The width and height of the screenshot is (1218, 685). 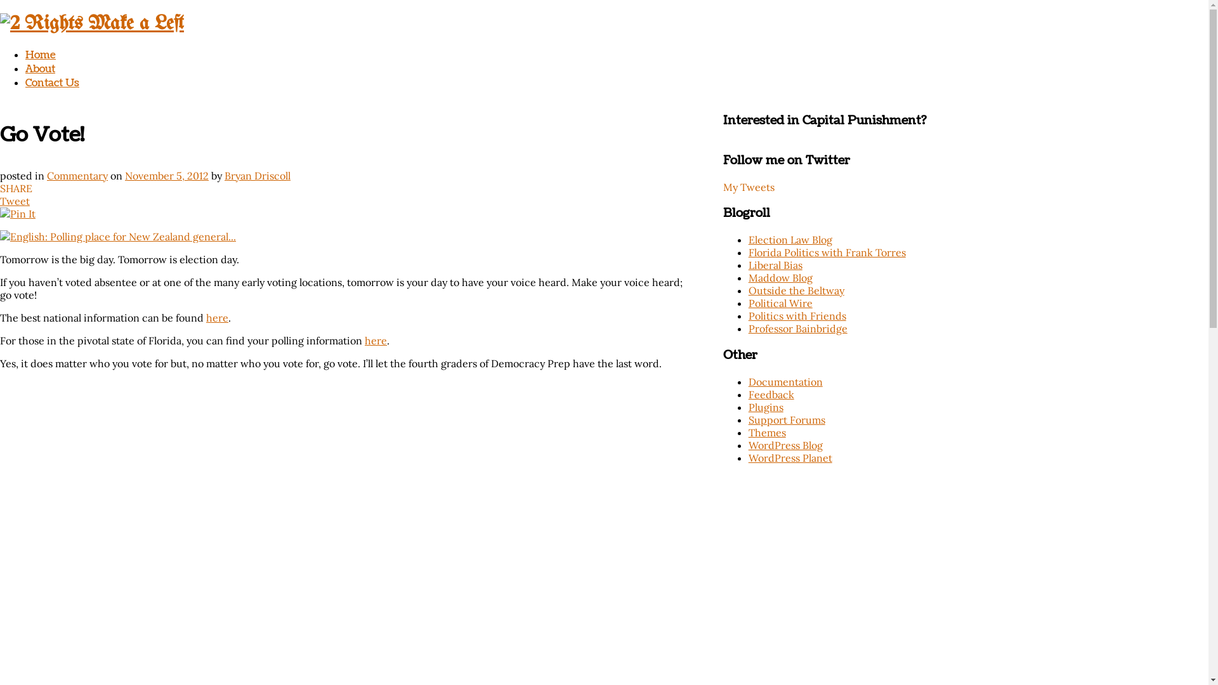 I want to click on 'Bryan Driscoll', so click(x=257, y=176).